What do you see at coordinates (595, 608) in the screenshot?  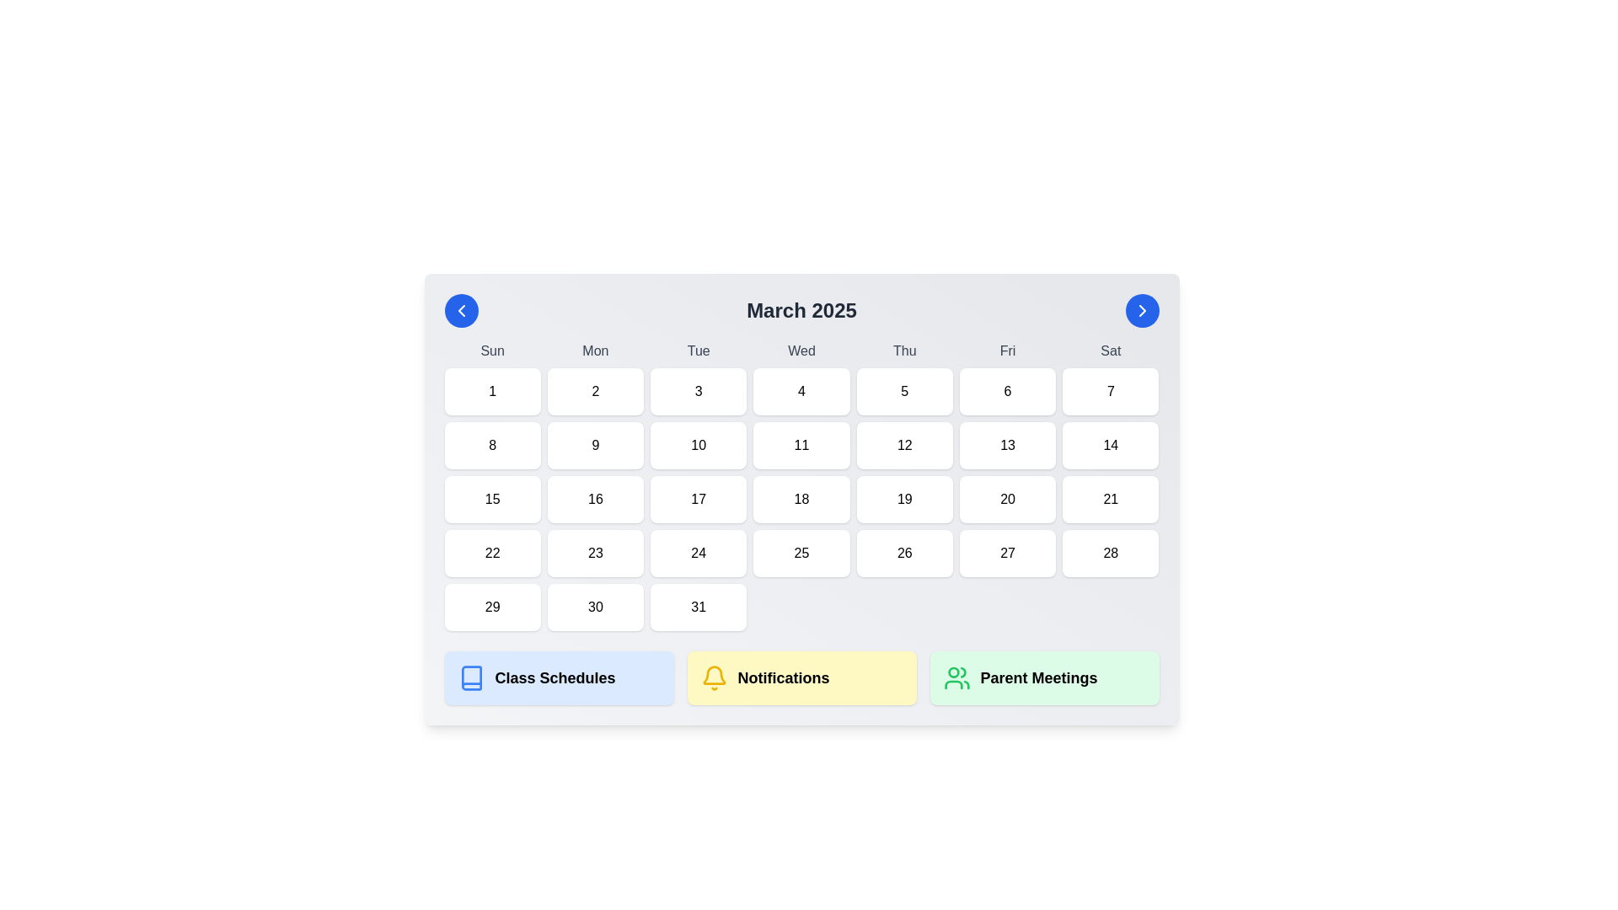 I see `the square-shaped button with a white background, rounded corners, and the text '30' centered in black, which changes to a blue background on hover, located in the grid for March 2025, aligning with 'Mon'` at bounding box center [595, 608].